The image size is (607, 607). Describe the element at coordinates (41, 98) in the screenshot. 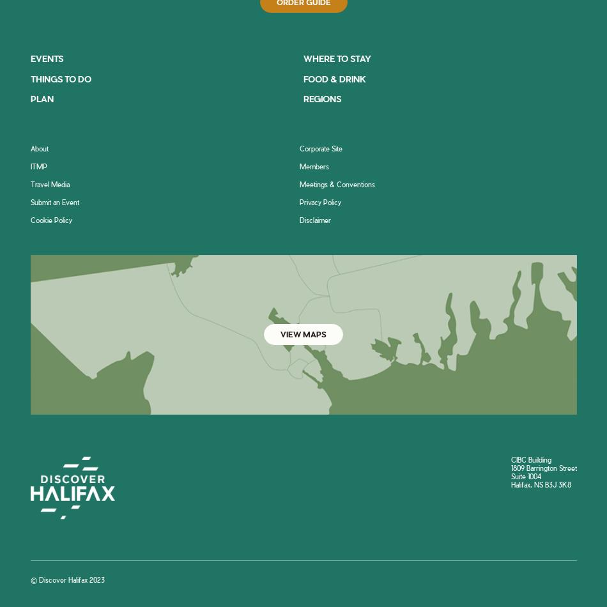

I see `'Plan'` at that location.